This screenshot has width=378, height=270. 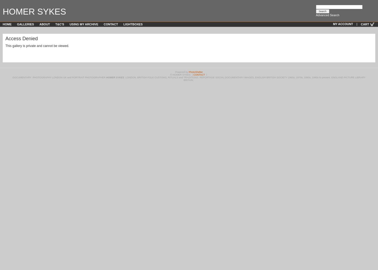 What do you see at coordinates (181, 72) in the screenshot?
I see `'Powered by'` at bounding box center [181, 72].